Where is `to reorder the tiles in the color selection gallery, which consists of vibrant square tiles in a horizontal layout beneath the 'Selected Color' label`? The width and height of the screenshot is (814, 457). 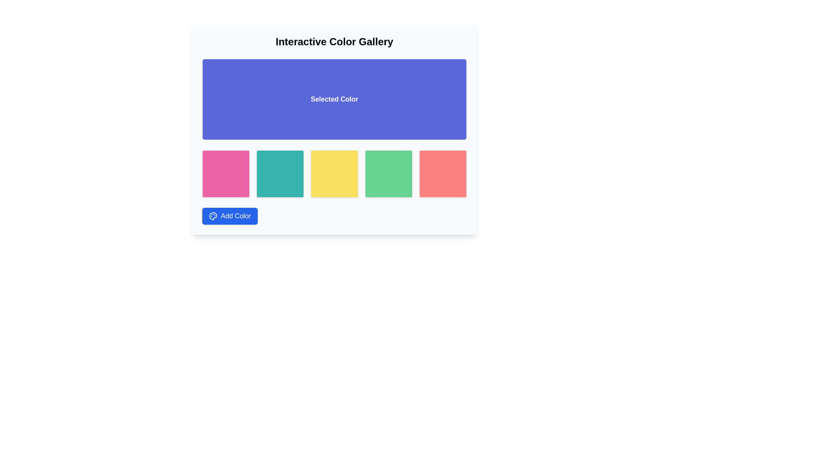 to reorder the tiles in the color selection gallery, which consists of vibrant square tiles in a horizontal layout beneath the 'Selected Color' label is located at coordinates (334, 173).